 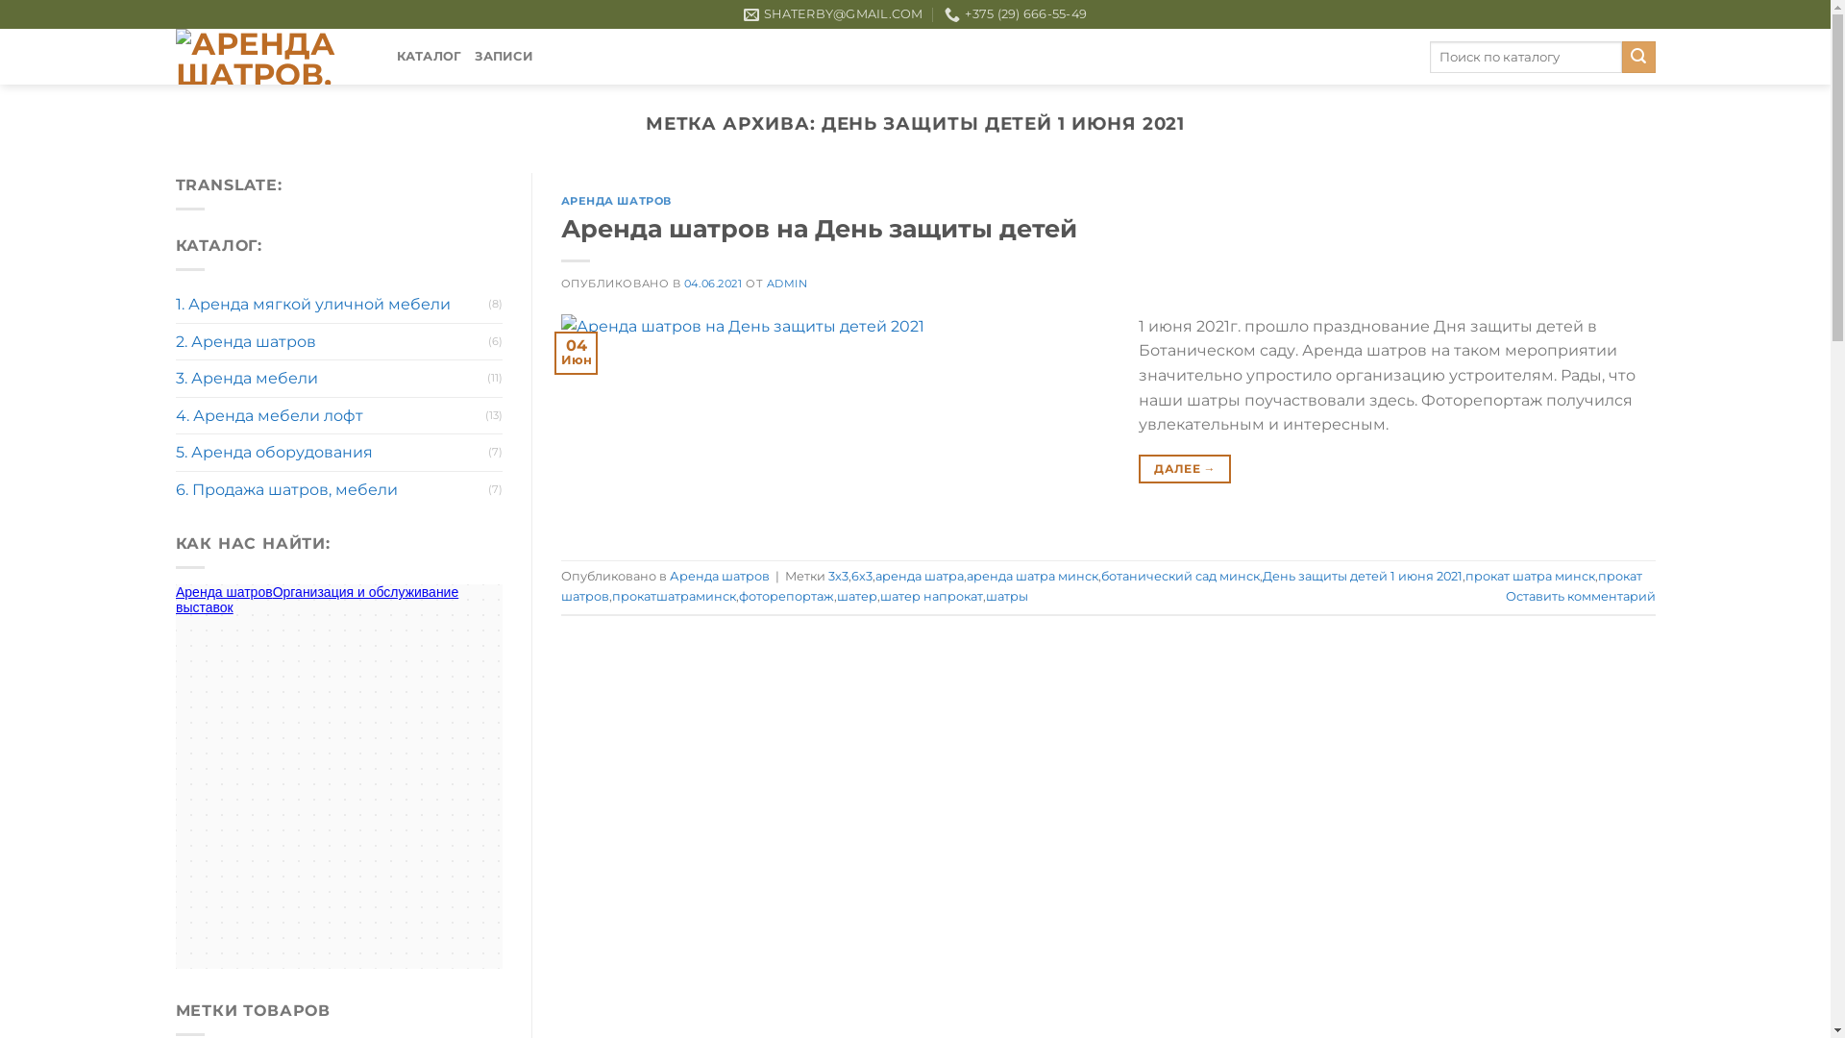 I want to click on '+375 (29) 666-55-49', so click(x=1014, y=14).